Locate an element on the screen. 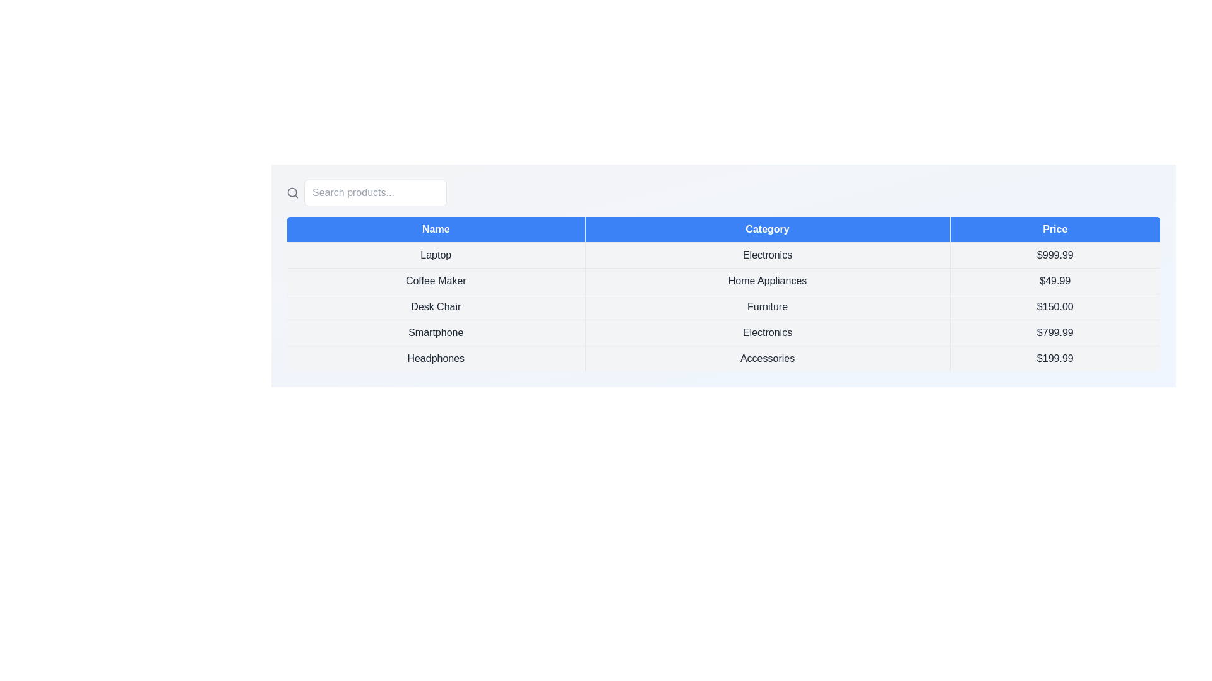  the Text Display that shows the price of the 'Headphones' product, located in the rightmost cell of the last row in the table is located at coordinates (1055, 359).